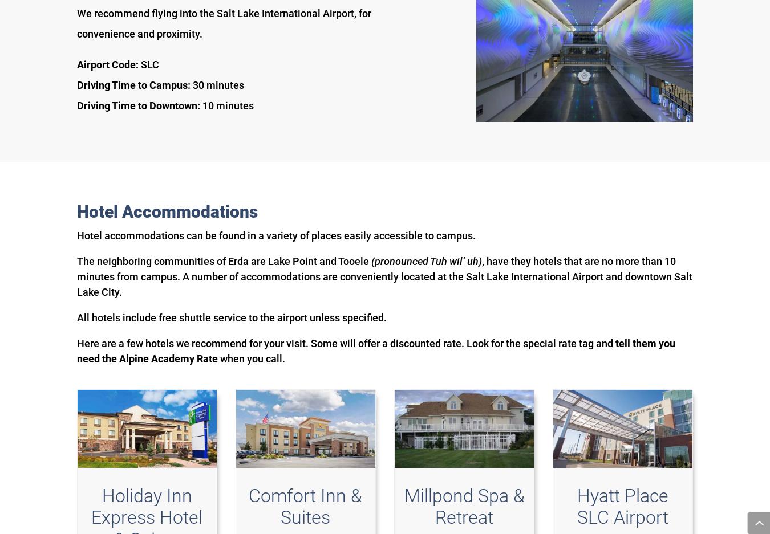  What do you see at coordinates (167, 210) in the screenshot?
I see `'Hotel Accommodations'` at bounding box center [167, 210].